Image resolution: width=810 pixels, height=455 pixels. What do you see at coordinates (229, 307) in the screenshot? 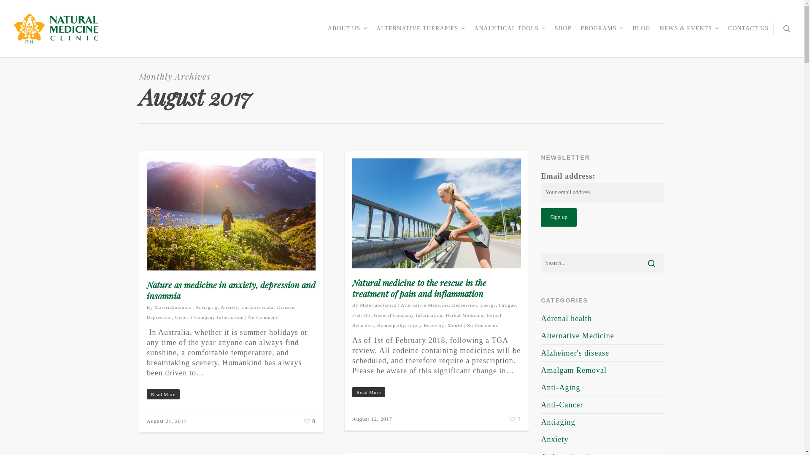
I see `'Anxiety'` at bounding box center [229, 307].